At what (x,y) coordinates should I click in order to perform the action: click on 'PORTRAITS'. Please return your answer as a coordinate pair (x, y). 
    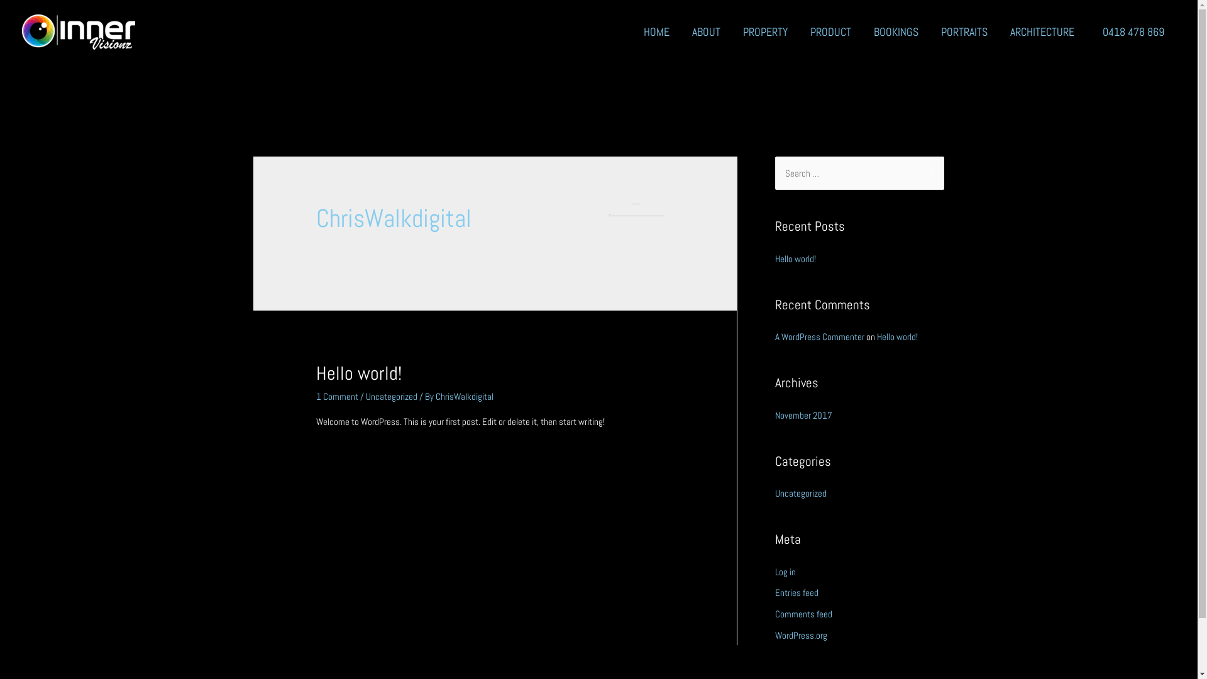
    Looking at the image, I should click on (964, 31).